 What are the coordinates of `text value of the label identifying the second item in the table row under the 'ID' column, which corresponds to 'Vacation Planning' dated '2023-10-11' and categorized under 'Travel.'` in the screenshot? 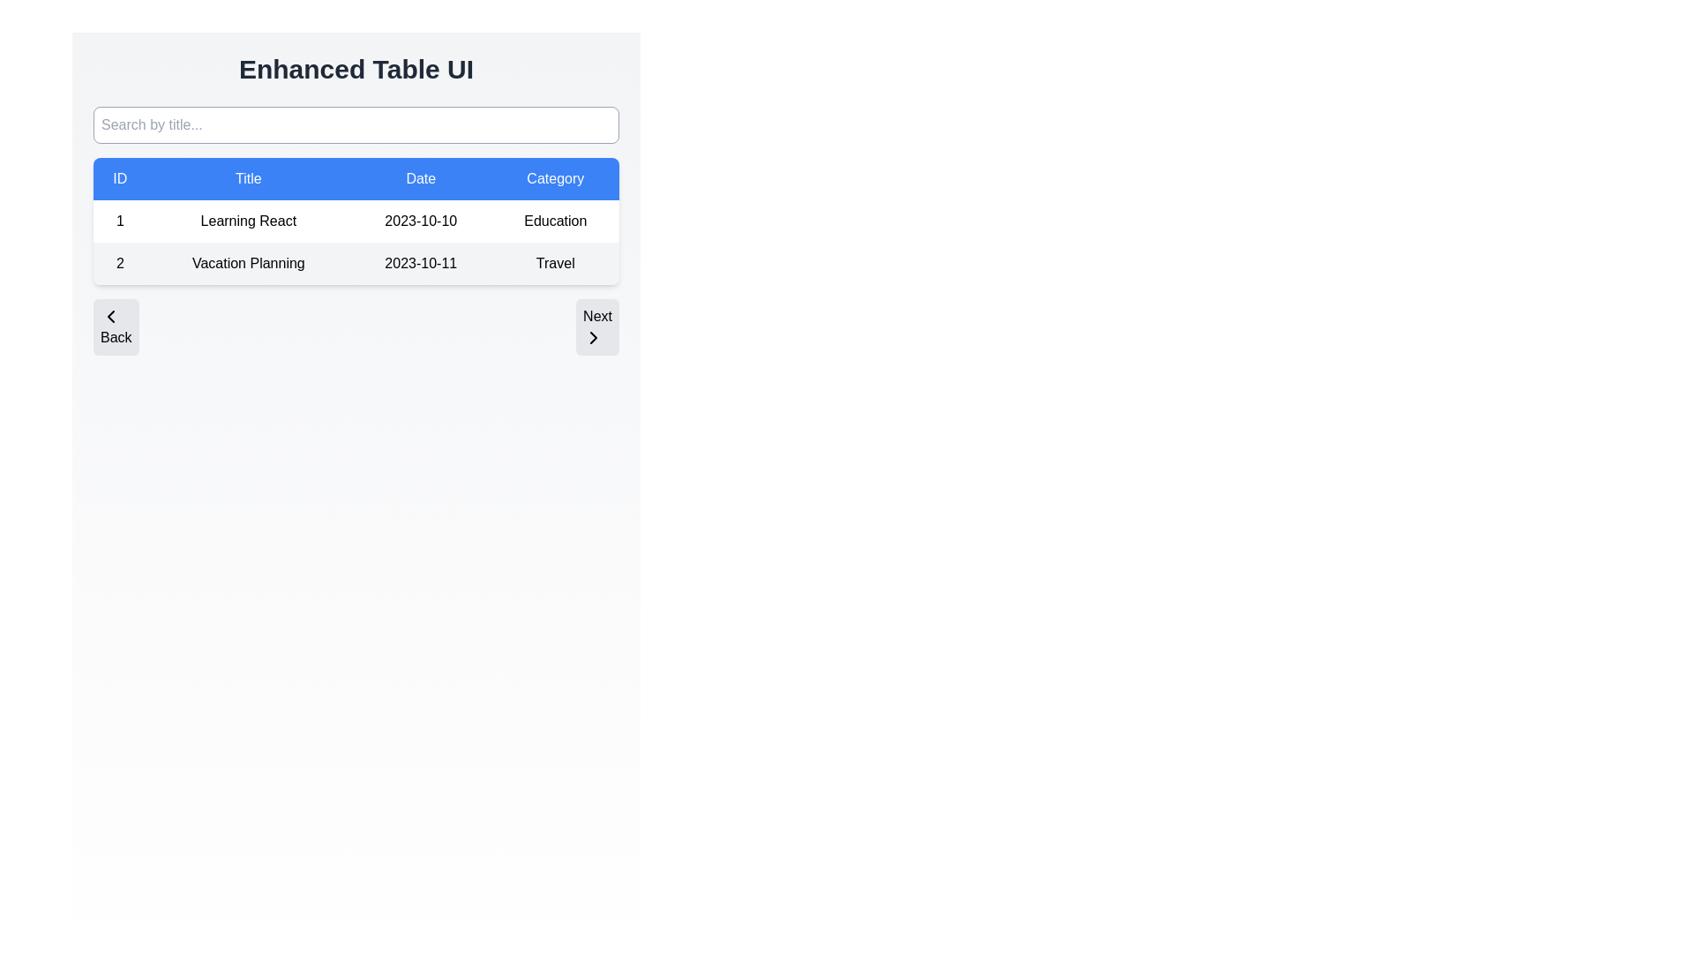 It's located at (119, 264).